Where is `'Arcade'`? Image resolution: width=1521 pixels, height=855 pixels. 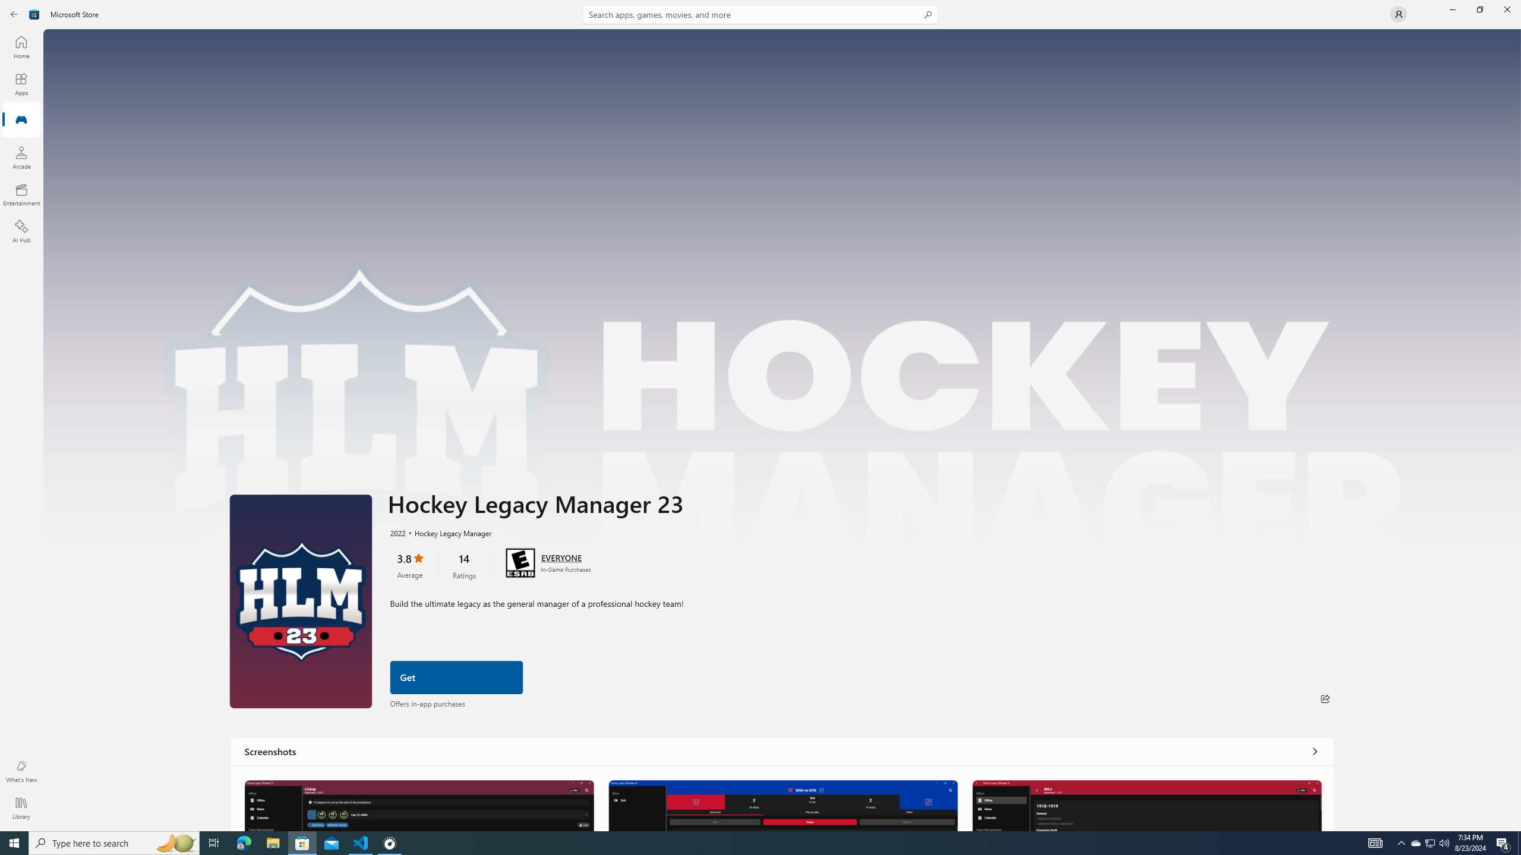 'Arcade' is located at coordinates (20, 157).